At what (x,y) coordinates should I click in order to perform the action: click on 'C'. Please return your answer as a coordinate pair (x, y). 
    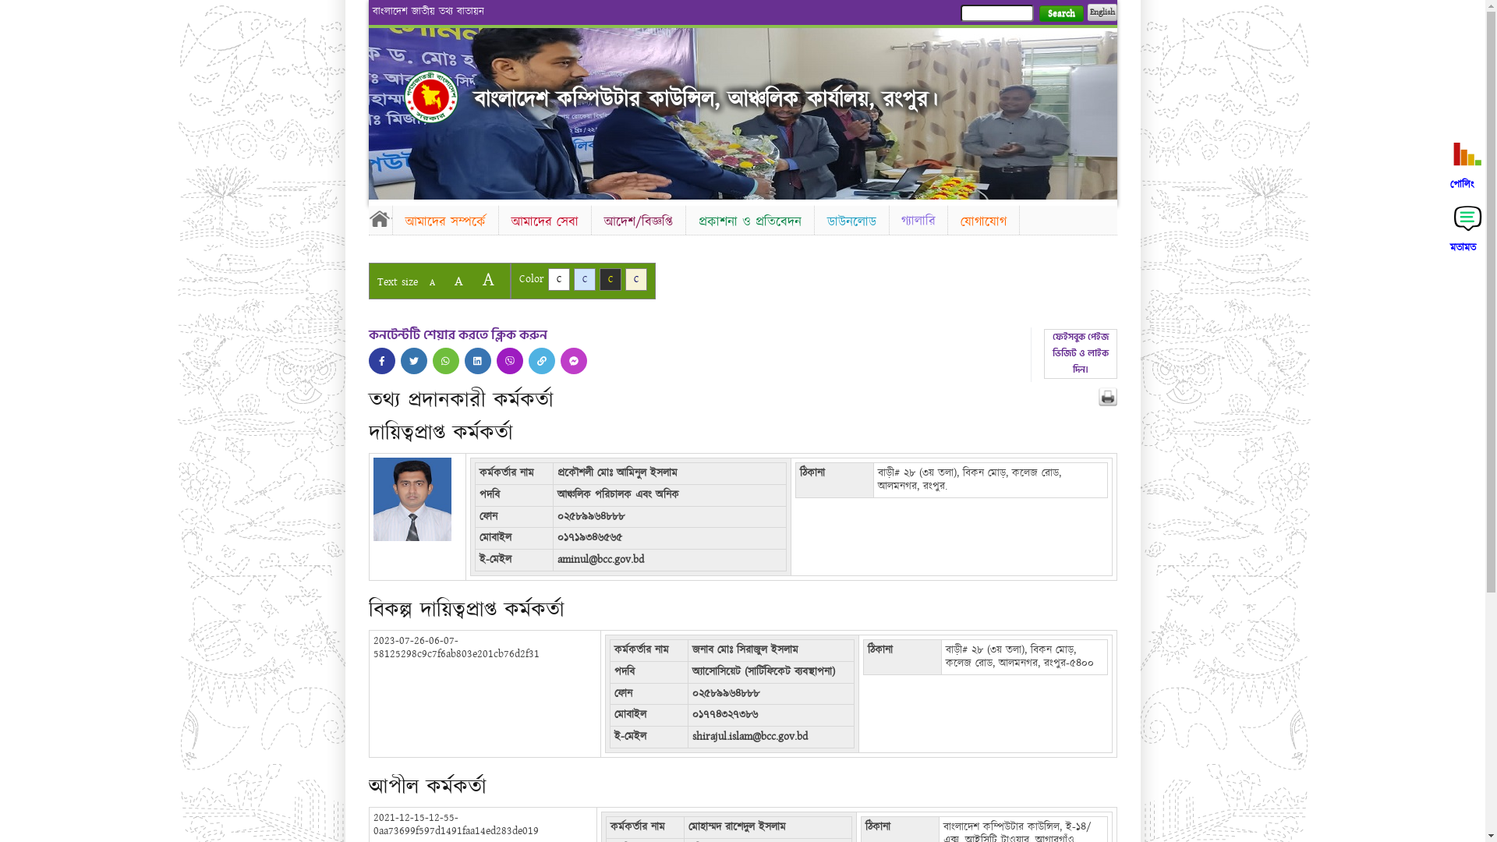
    Looking at the image, I should click on (583, 278).